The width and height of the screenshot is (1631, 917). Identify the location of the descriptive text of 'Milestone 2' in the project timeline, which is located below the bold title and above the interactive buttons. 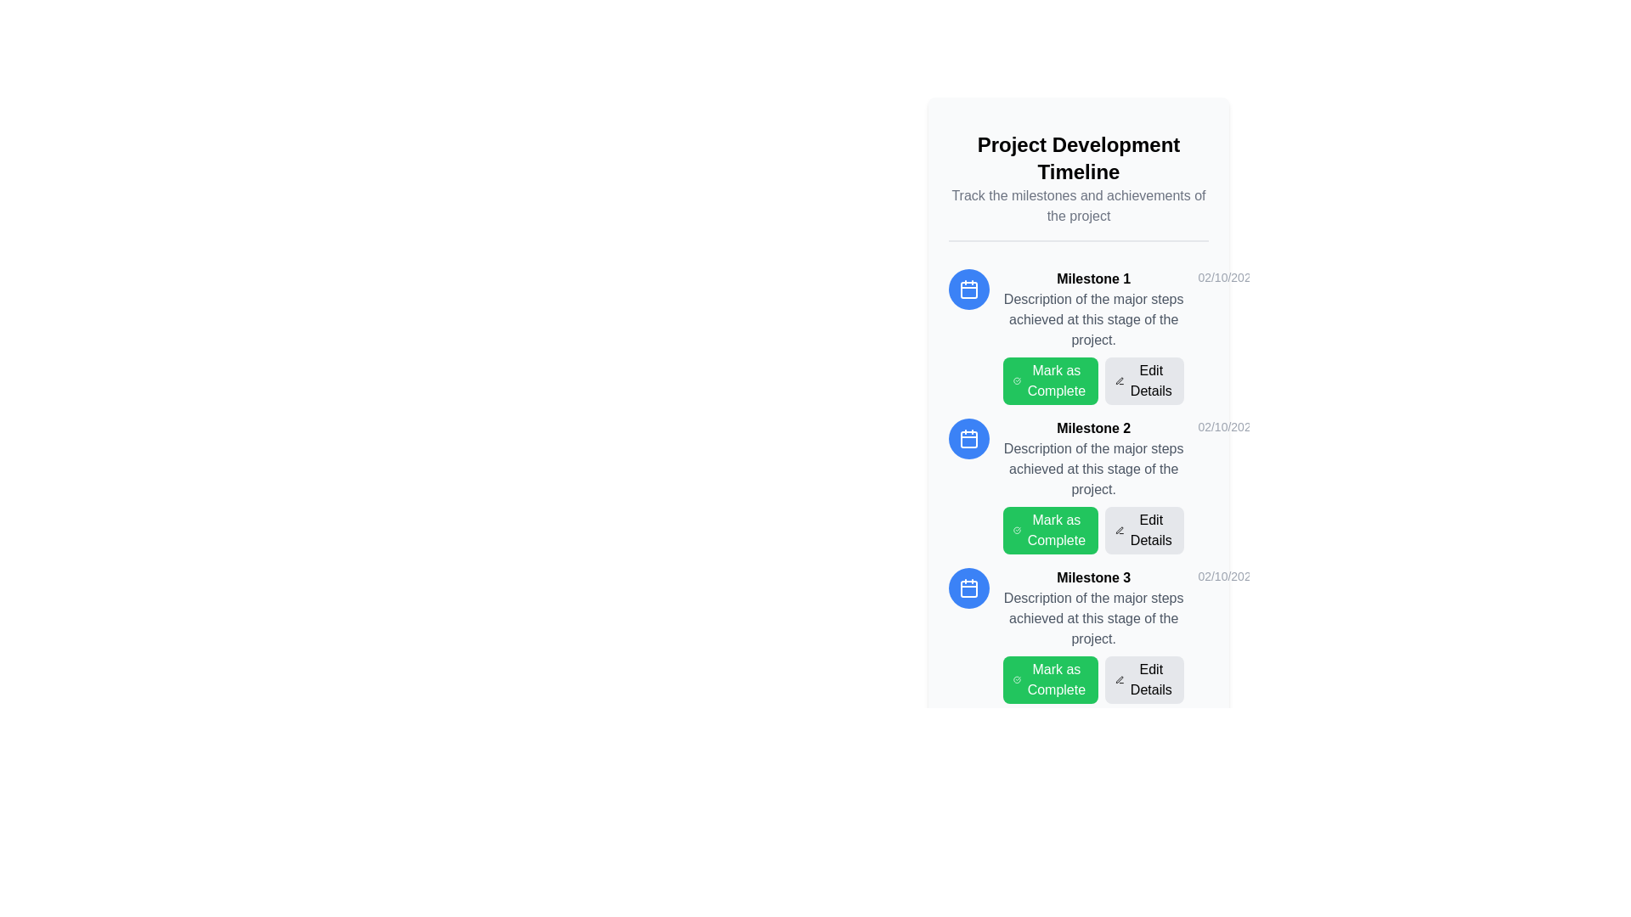
(1078, 487).